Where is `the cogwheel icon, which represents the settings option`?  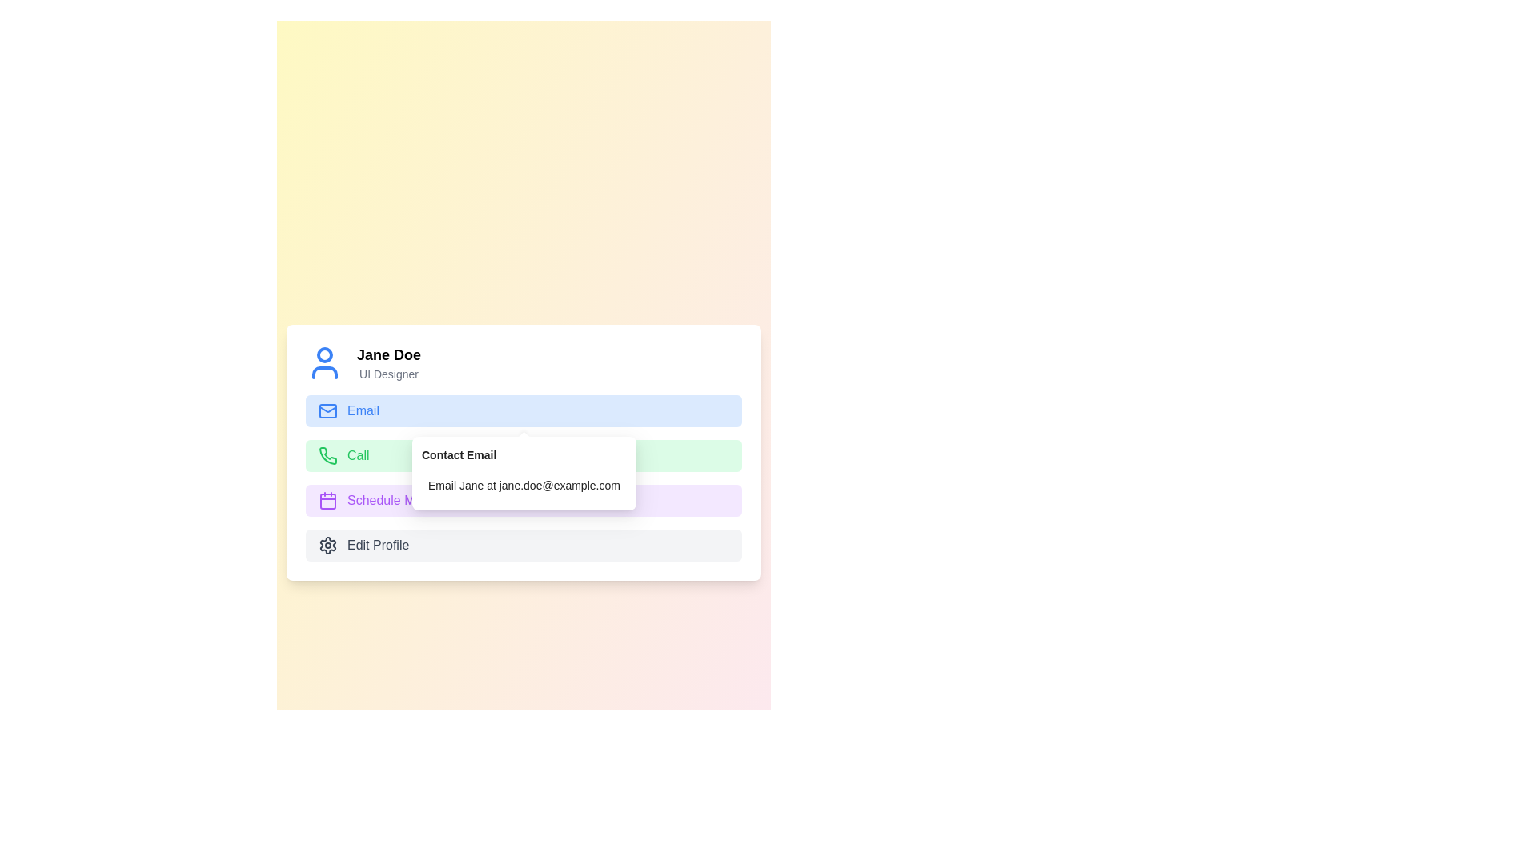 the cogwheel icon, which represents the settings option is located at coordinates (327, 545).